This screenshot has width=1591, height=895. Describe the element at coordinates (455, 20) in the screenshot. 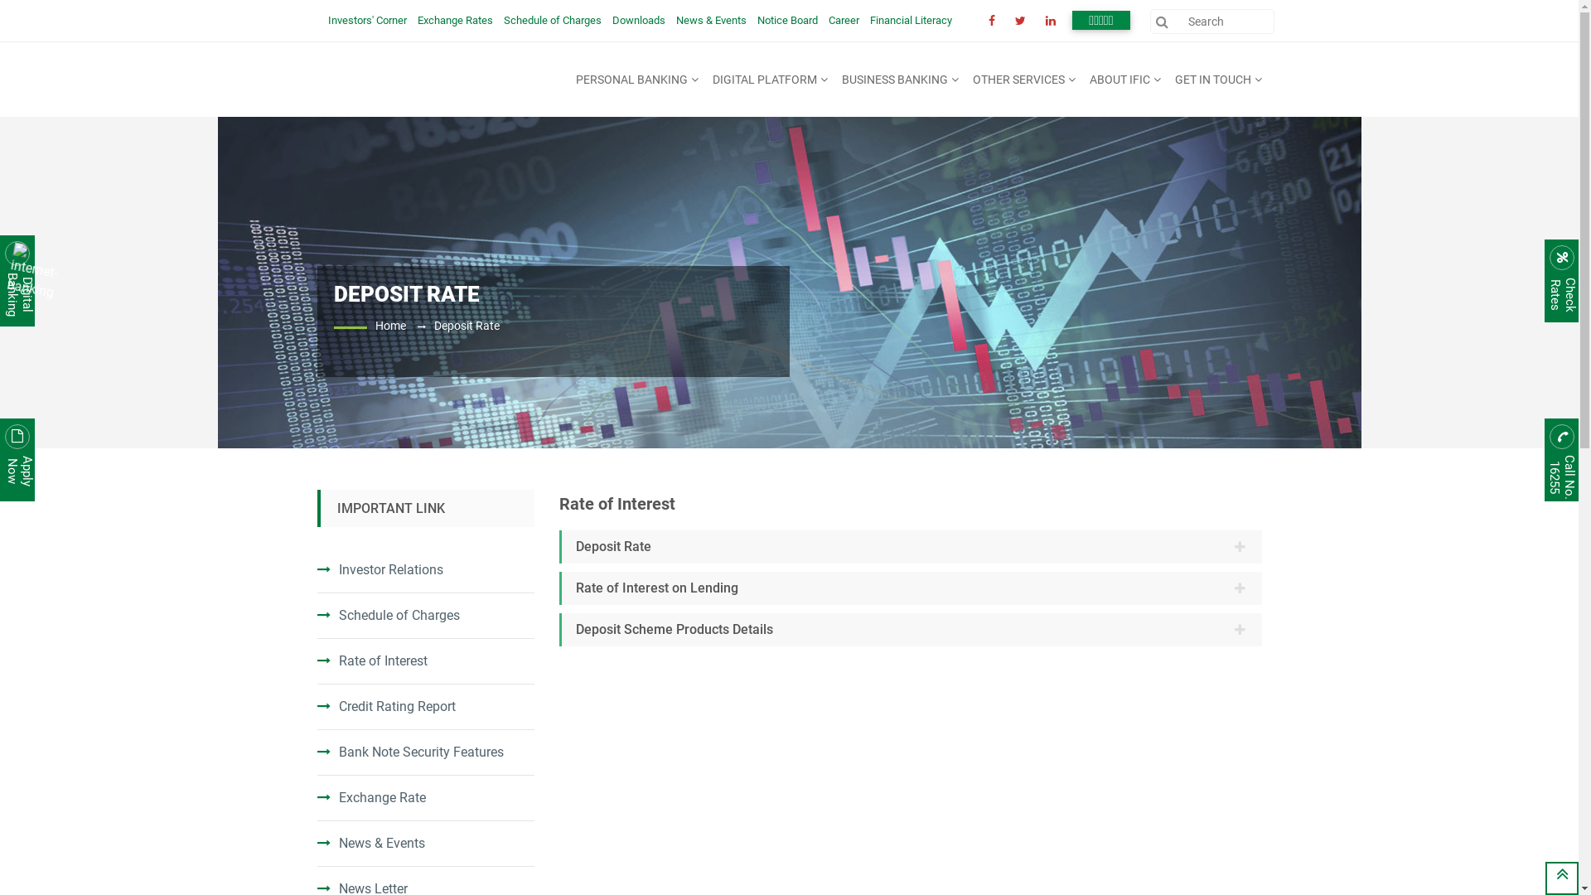

I see `'Exchange Rates'` at that location.